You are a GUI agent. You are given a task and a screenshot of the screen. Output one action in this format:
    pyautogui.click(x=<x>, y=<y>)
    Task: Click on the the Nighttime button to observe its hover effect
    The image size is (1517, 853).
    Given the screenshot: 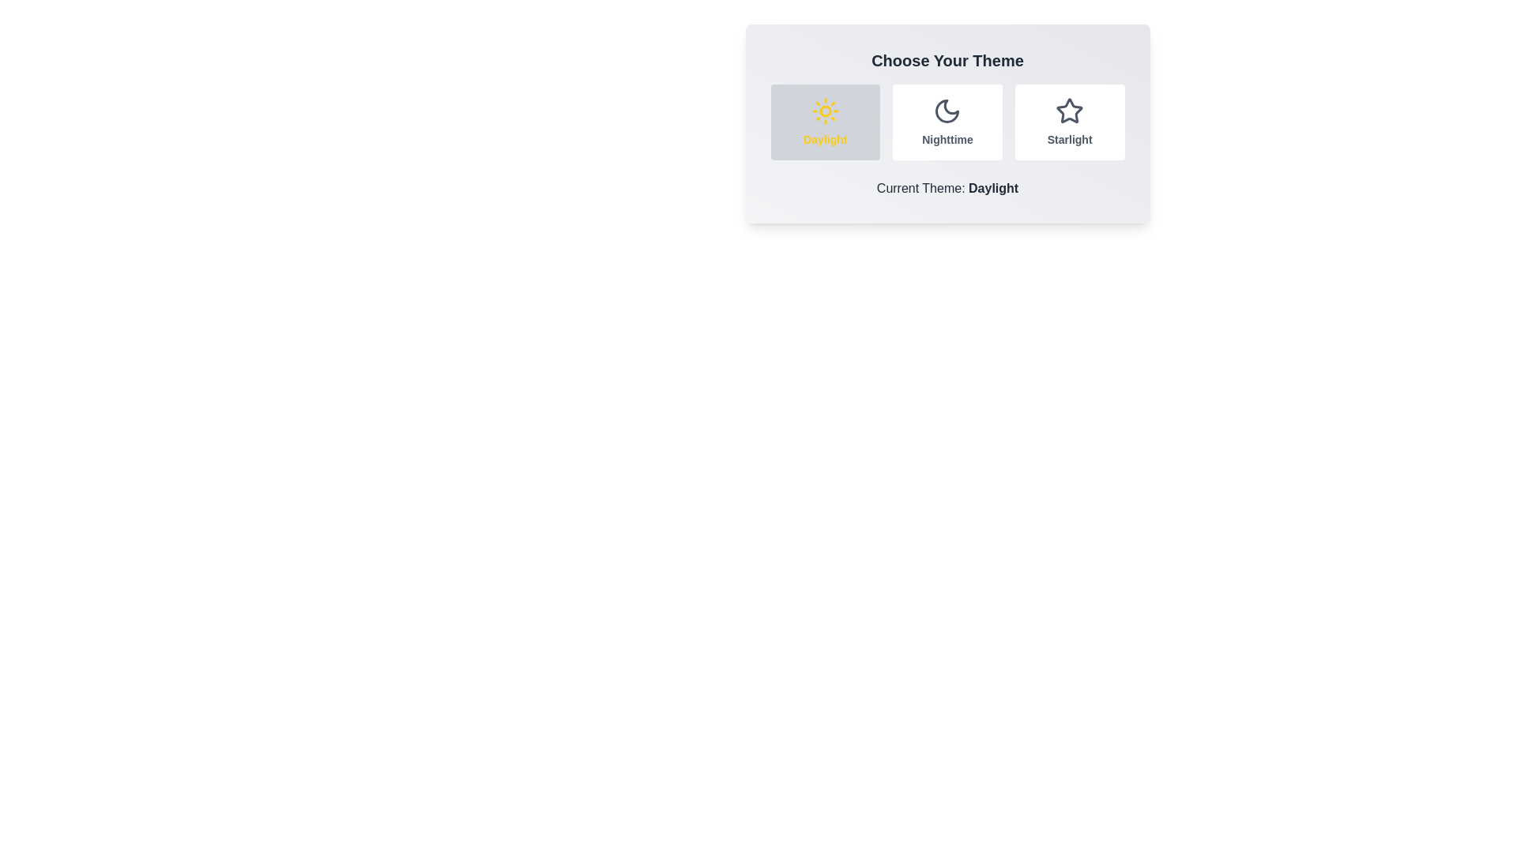 What is the action you would take?
    pyautogui.click(x=947, y=121)
    